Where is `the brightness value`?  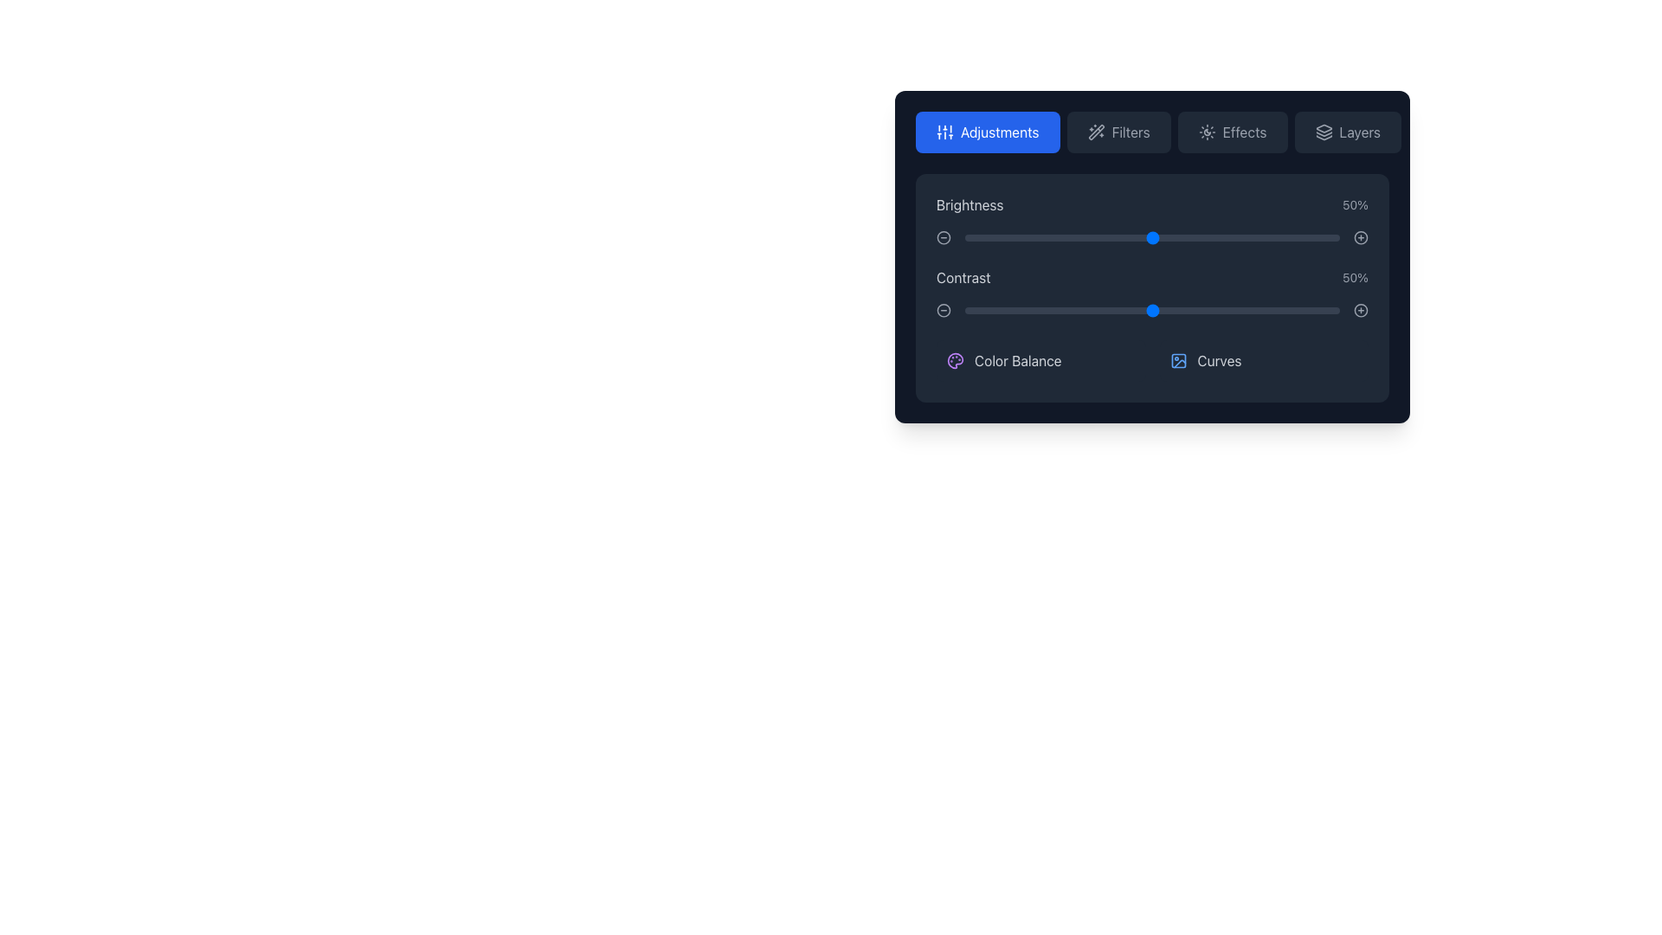
the brightness value is located at coordinates (984, 237).